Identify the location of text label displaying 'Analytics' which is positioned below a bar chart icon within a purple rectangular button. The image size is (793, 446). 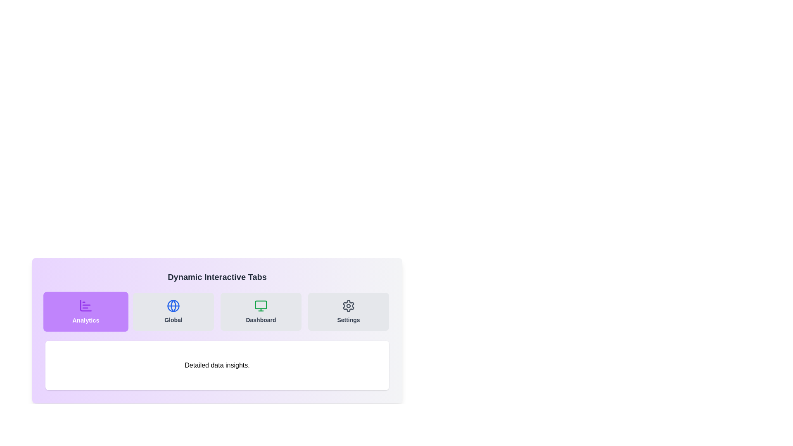
(85, 320).